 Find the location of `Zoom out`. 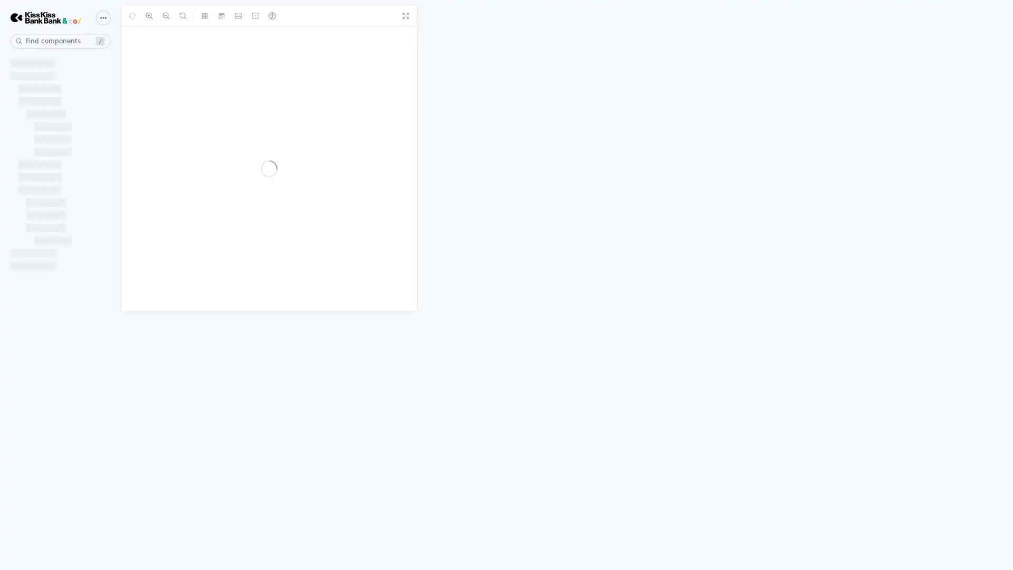

Zoom out is located at coordinates (247, 16).